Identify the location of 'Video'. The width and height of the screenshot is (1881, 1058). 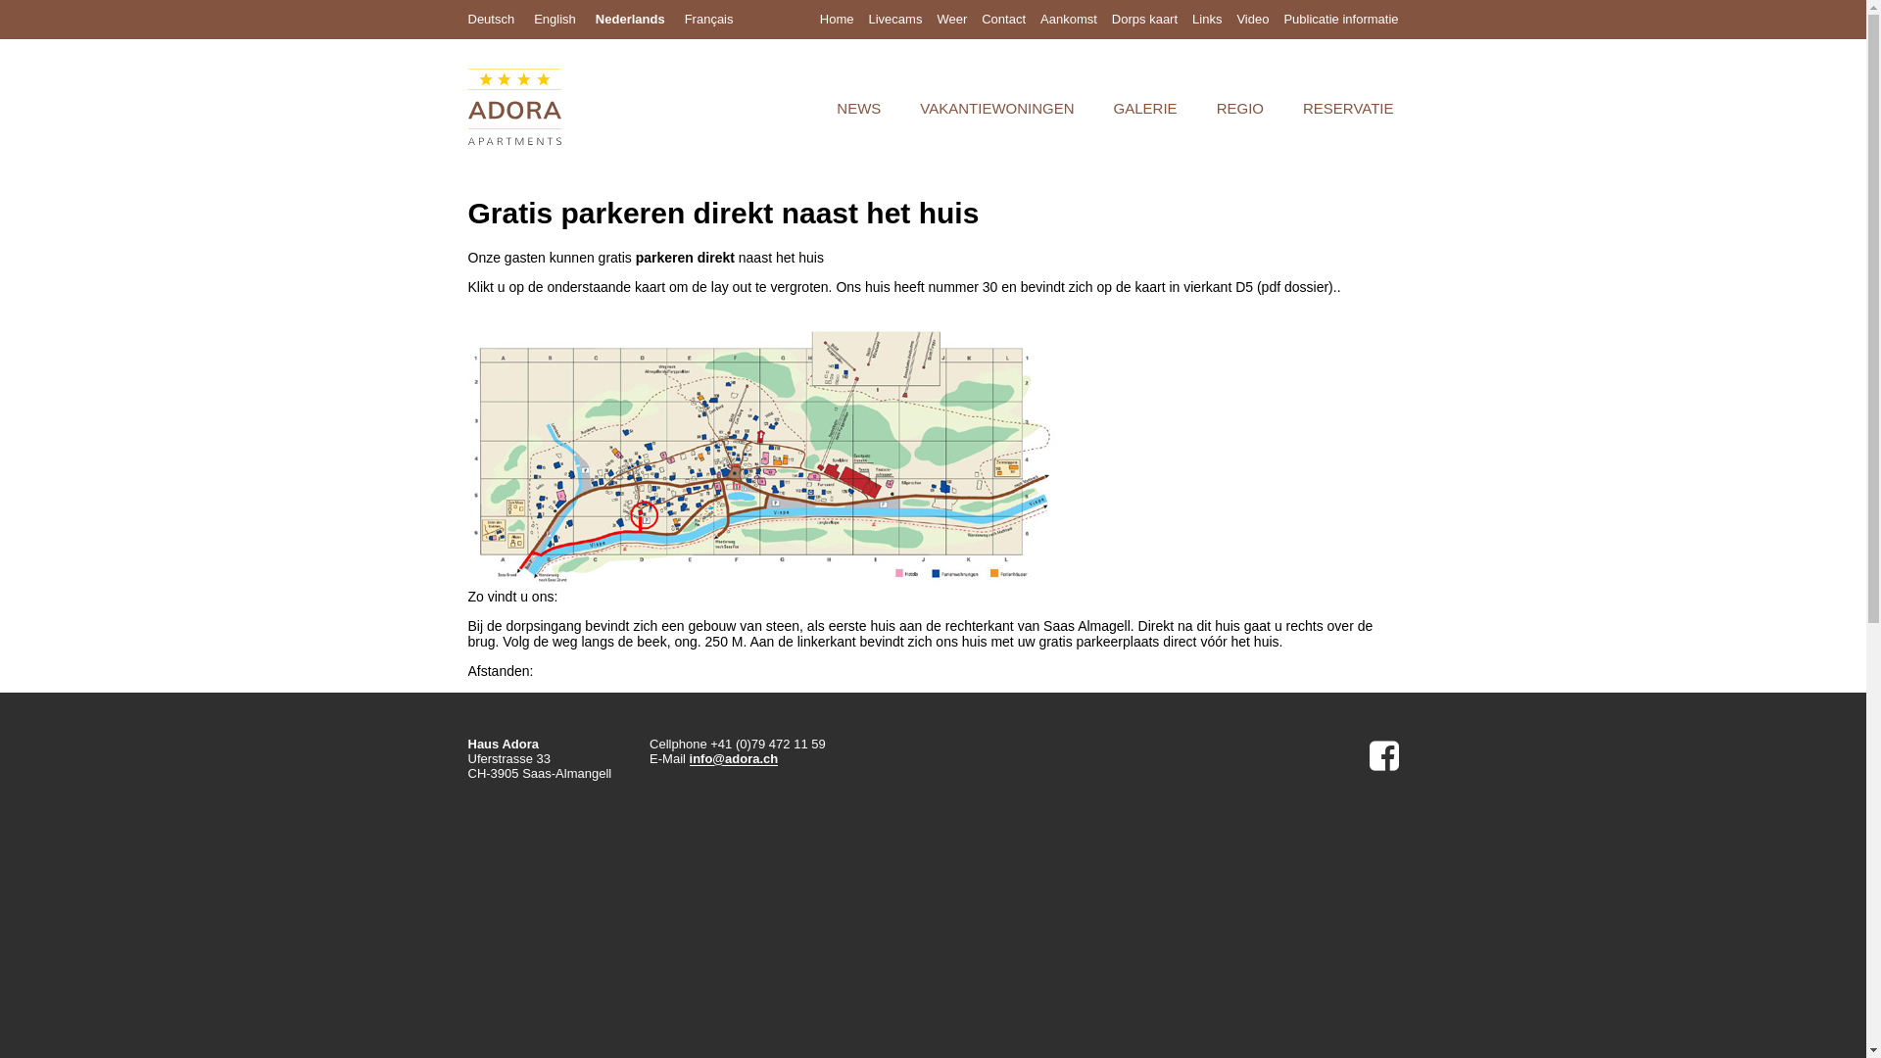
(1251, 19).